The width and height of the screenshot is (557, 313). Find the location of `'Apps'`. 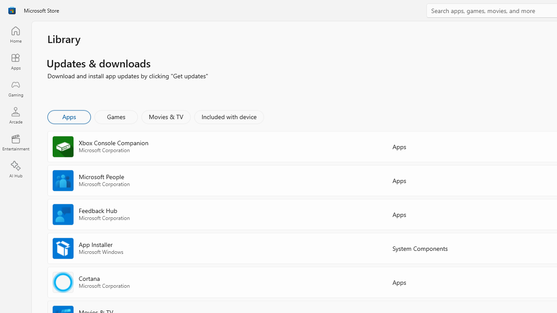

'Apps' is located at coordinates (68, 116).